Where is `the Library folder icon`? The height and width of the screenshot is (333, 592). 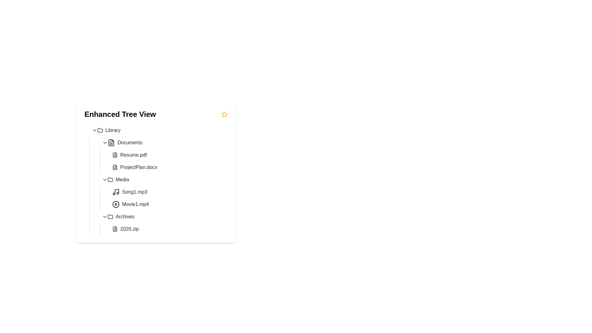
the Library folder icon is located at coordinates (100, 129).